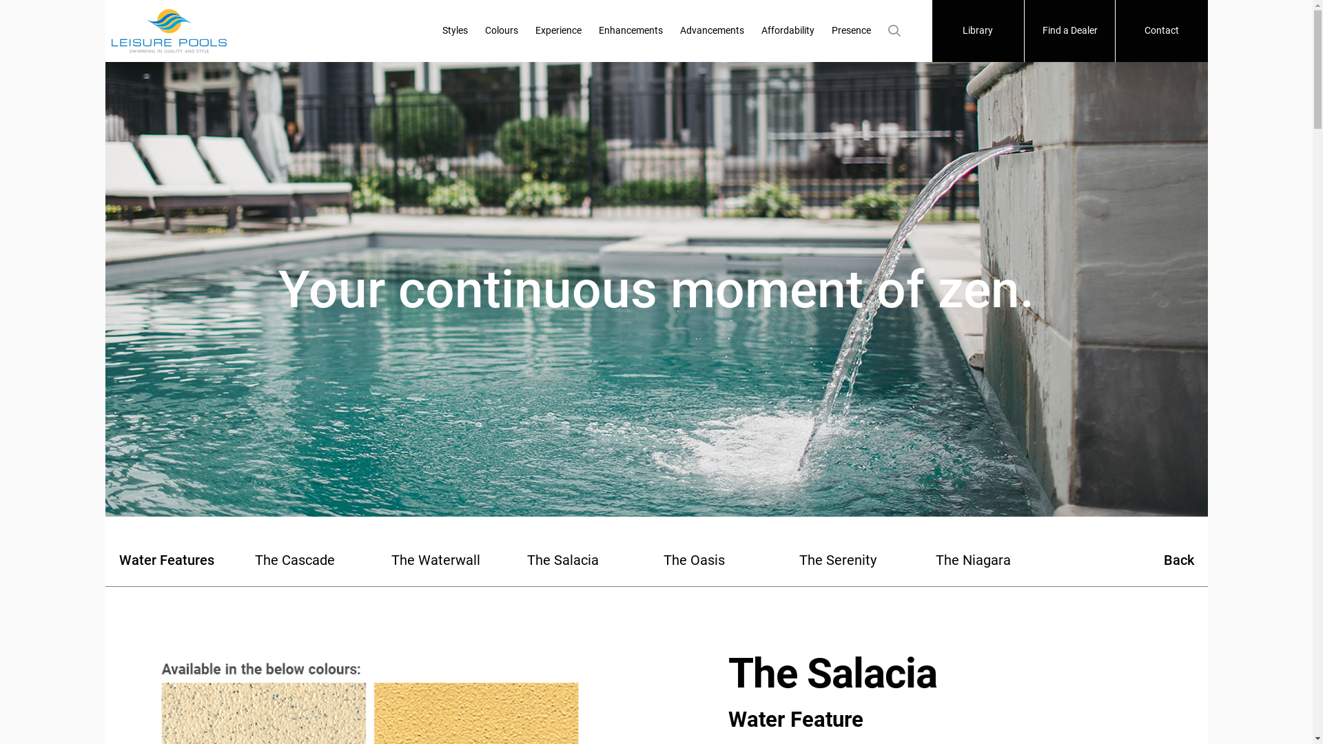 Image resolution: width=1323 pixels, height=744 pixels. Describe the element at coordinates (501, 31) in the screenshot. I see `'Colours'` at that location.